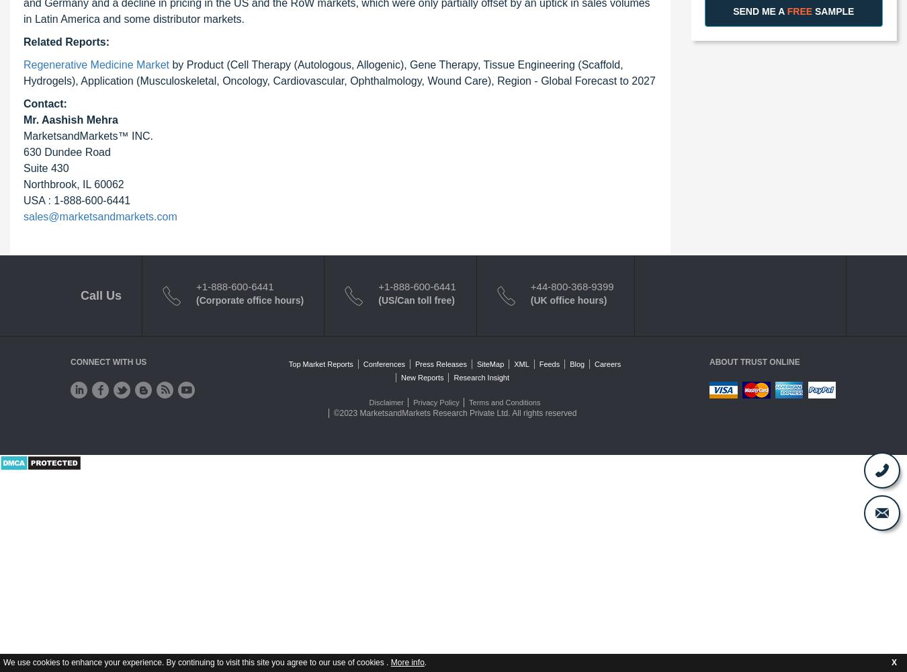 This screenshot has width=907, height=672. I want to click on 'SiteMap', so click(489, 364).